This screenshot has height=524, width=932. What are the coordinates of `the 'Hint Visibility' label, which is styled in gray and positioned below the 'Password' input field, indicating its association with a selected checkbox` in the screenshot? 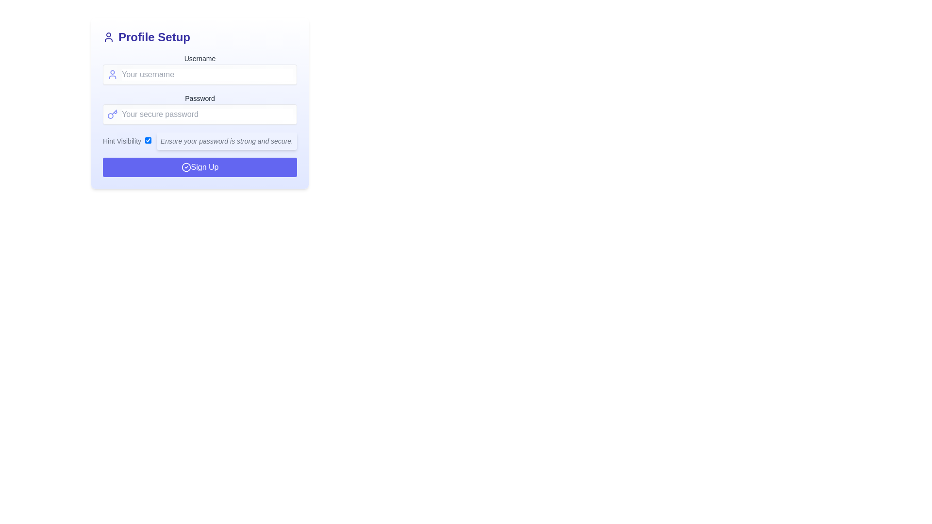 It's located at (127, 141).